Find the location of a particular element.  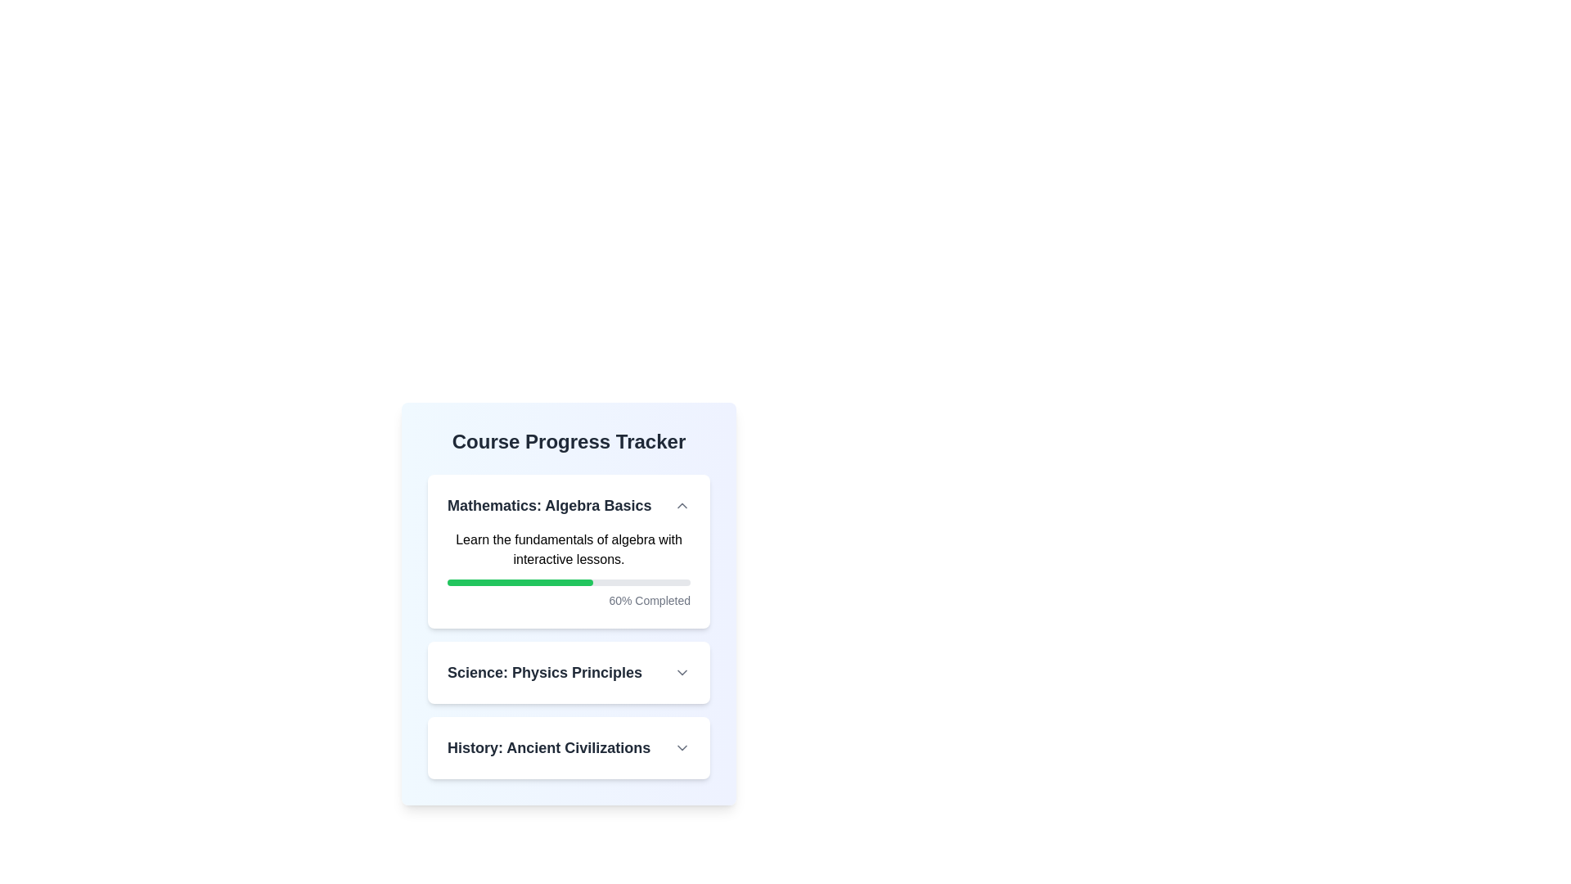

the Text label representing the title of the current educational topic displayed in the header of the Course Progress Tracker card is located at coordinates (549, 504).